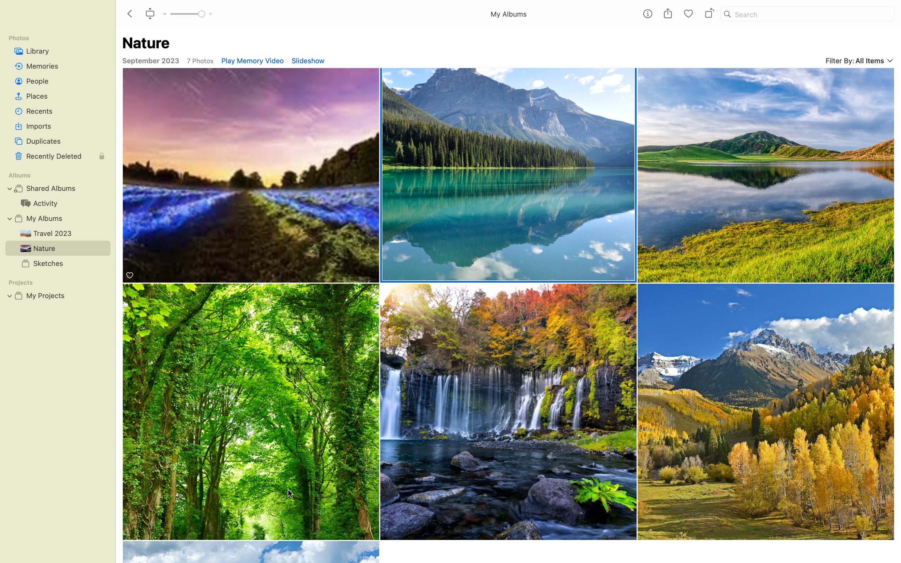 This screenshot has width=901, height=563. I want to click on Move towards the topmost part of the page, so click(1710999, 663214).